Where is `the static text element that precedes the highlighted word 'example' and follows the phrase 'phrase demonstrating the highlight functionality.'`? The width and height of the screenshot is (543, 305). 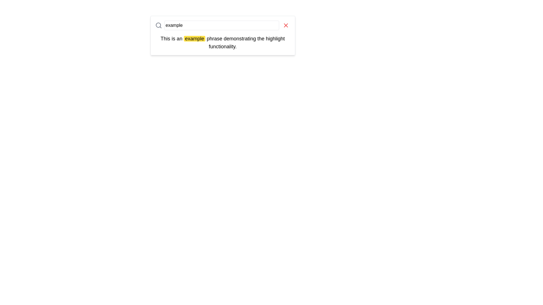 the static text element that precedes the highlighted word 'example' and follows the phrase 'phrase demonstrating the highlight functionality.' is located at coordinates (172, 38).